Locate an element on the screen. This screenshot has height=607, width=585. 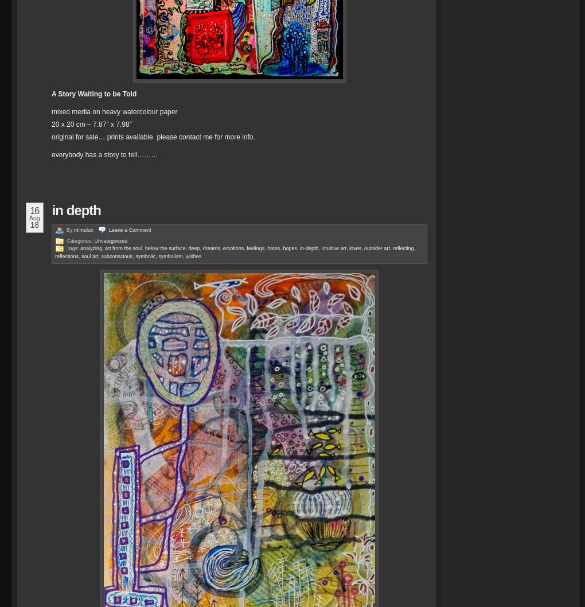
'intuitive art' is located at coordinates (334, 248).